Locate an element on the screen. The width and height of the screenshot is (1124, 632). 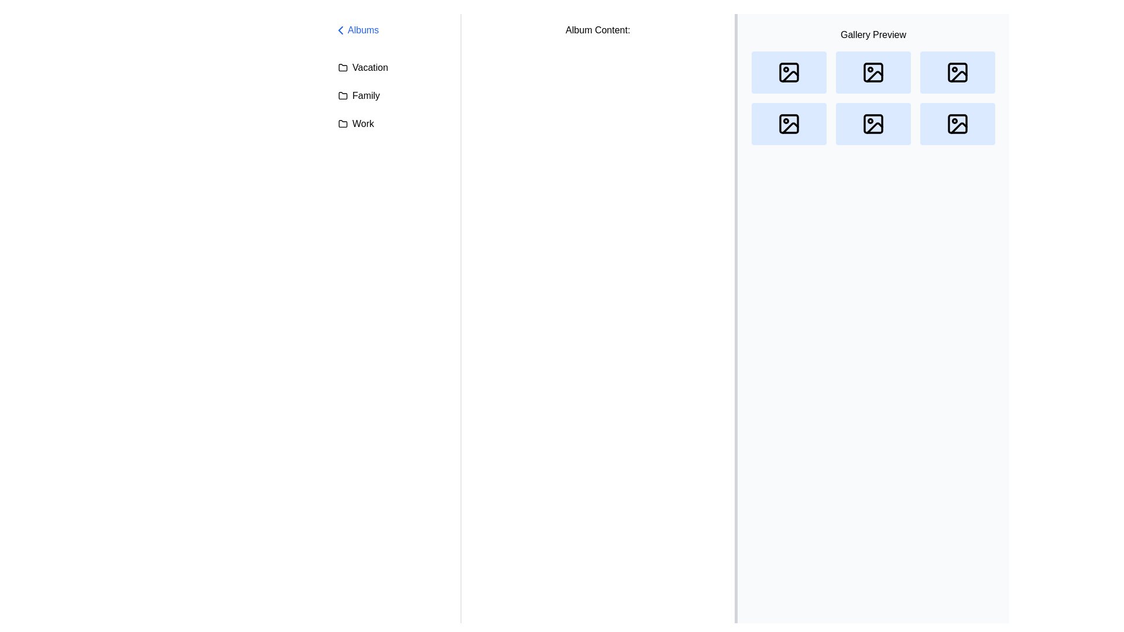
the image placeholder icon located in the third position of the top row in the Gallery Preview section is located at coordinates (958, 72).